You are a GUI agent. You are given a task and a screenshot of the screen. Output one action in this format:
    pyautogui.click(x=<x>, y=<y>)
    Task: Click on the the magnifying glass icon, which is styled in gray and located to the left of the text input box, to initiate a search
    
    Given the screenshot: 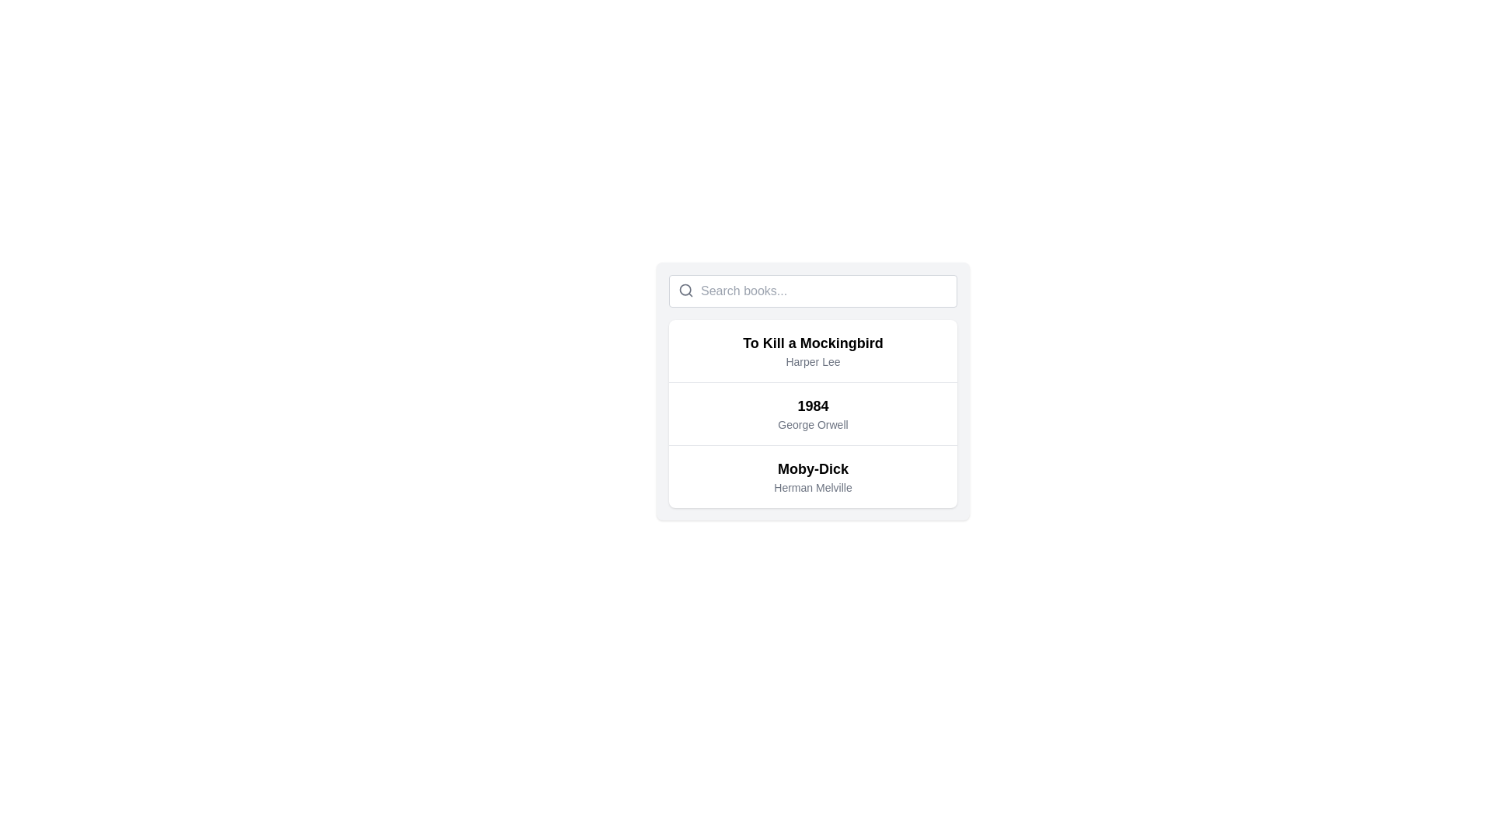 What is the action you would take?
    pyautogui.click(x=685, y=291)
    